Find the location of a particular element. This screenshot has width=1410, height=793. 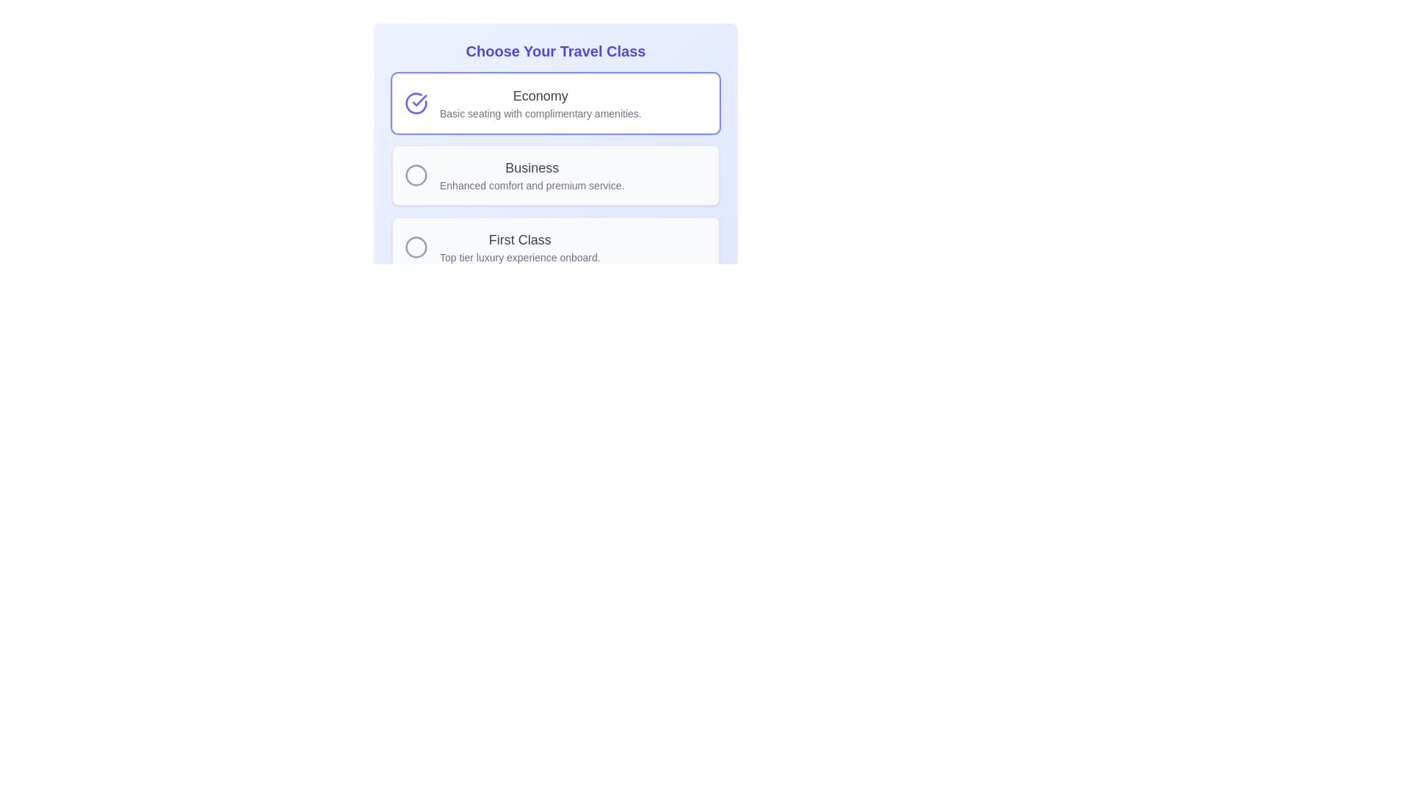

the 'Business' travel class text label located at the top of the option card, which is the second option in the list of travel classes is located at coordinates (531, 167).